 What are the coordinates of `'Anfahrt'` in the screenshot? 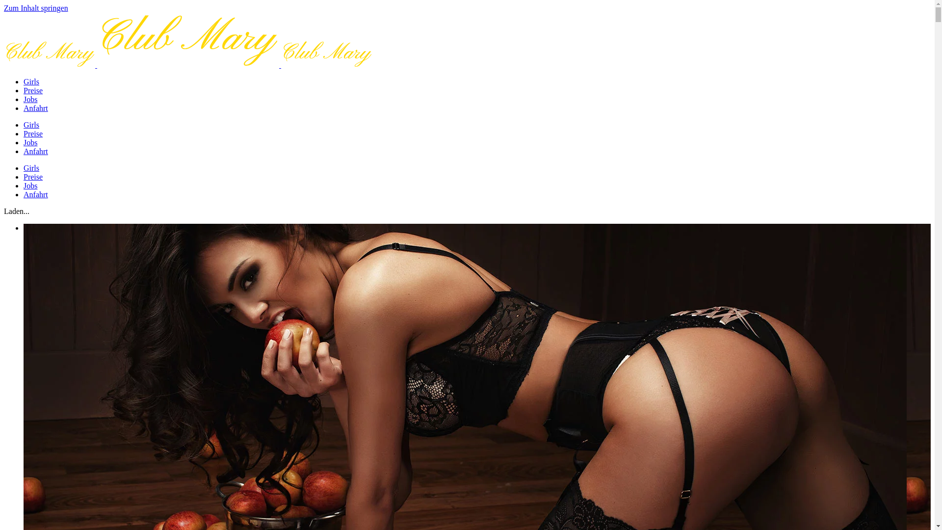 It's located at (35, 151).